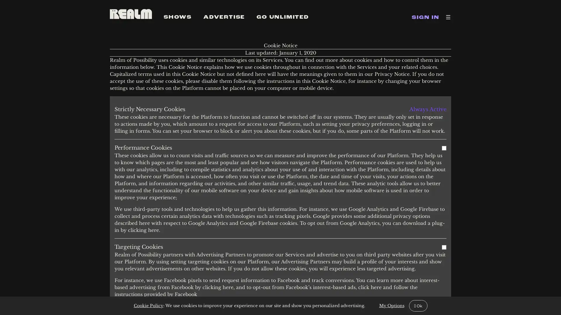  What do you see at coordinates (448, 17) in the screenshot?
I see `Open menu` at bounding box center [448, 17].